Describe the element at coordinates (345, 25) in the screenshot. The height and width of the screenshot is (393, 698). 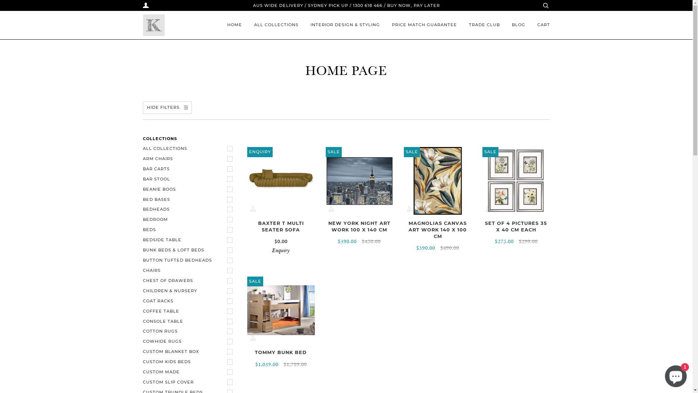
I see `'INTERIOR DESIGN & STYLING'` at that location.